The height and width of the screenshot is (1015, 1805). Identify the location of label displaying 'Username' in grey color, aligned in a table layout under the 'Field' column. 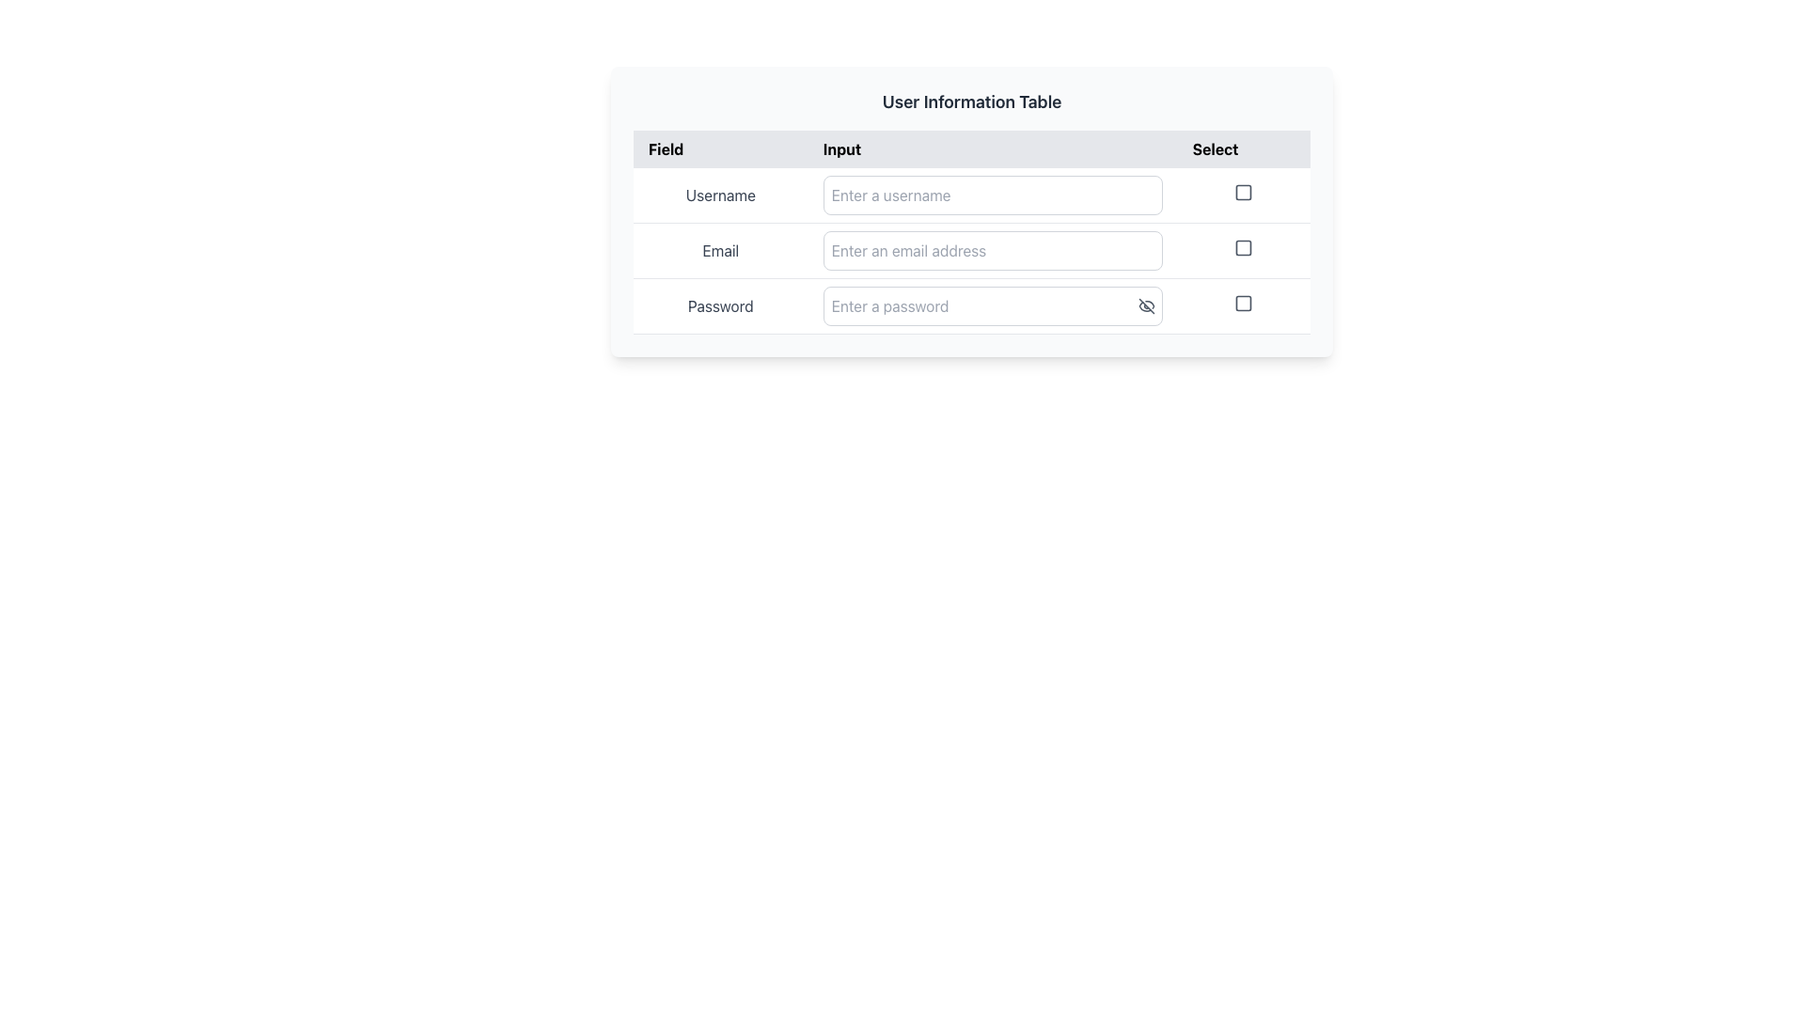
(719, 195).